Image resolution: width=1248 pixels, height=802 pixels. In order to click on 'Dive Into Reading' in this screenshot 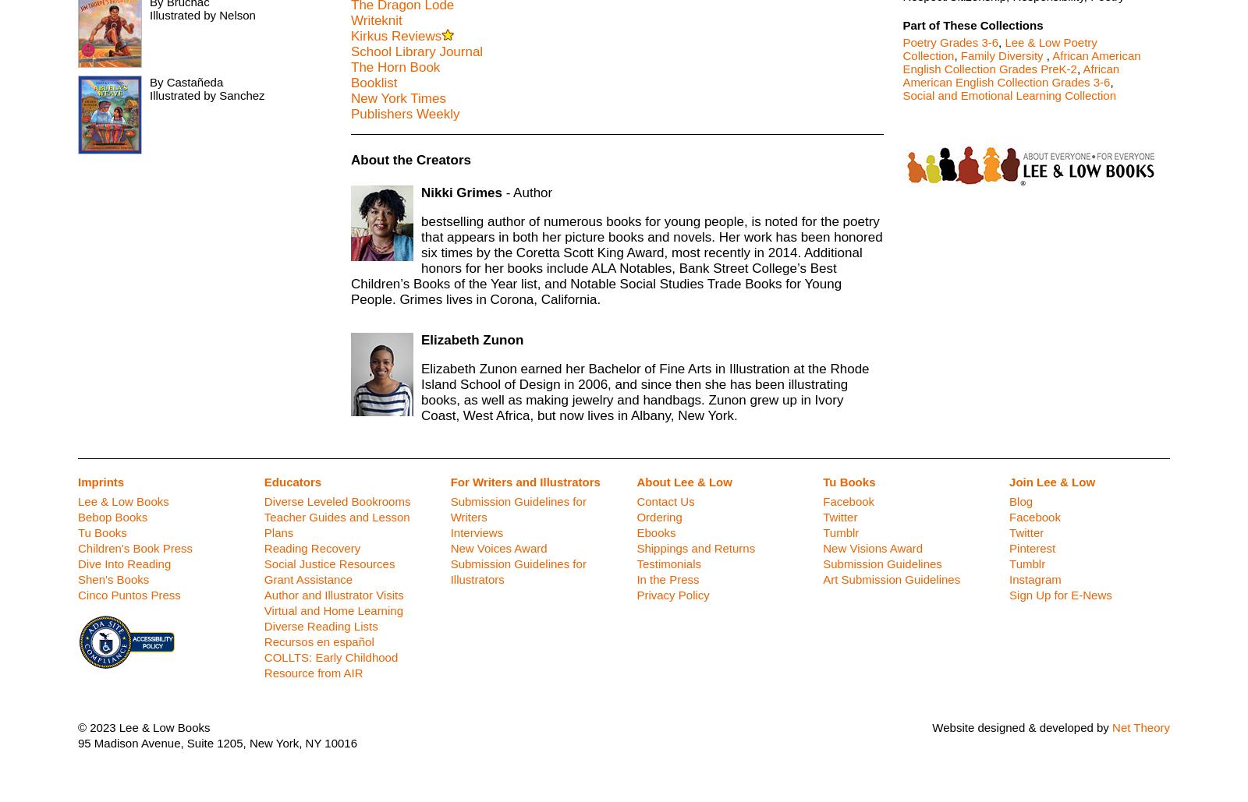, I will do `click(123, 563)`.